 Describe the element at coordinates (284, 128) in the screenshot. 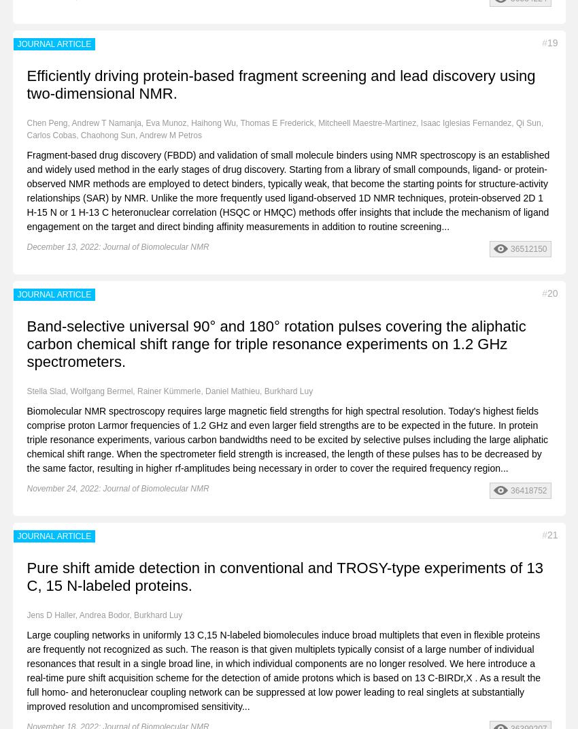

I see `'Chen Peng, Andrew T Namanja, Eva Munoz, Haihong Wu, Thomas E Frederick, Mitcheell Maestre-Martinez, Isaac Iglesias Fernandez, Qi Sun, Carlos Cobas, Chaohong Sun, Andrew M Petros'` at that location.